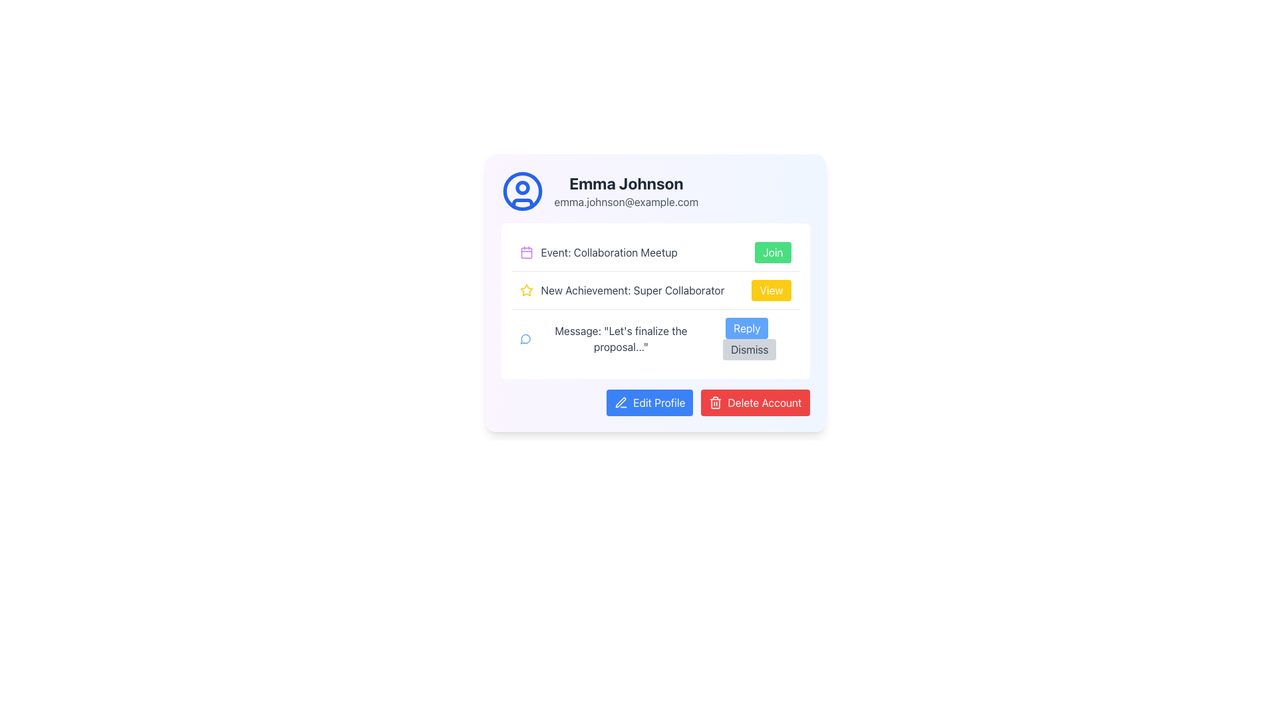 The width and height of the screenshot is (1277, 718). Describe the element at coordinates (772, 253) in the screenshot. I see `the button located to the far right of the text 'Event: Collaboration Meetup' within the first row of the card's content section to join the event` at that location.